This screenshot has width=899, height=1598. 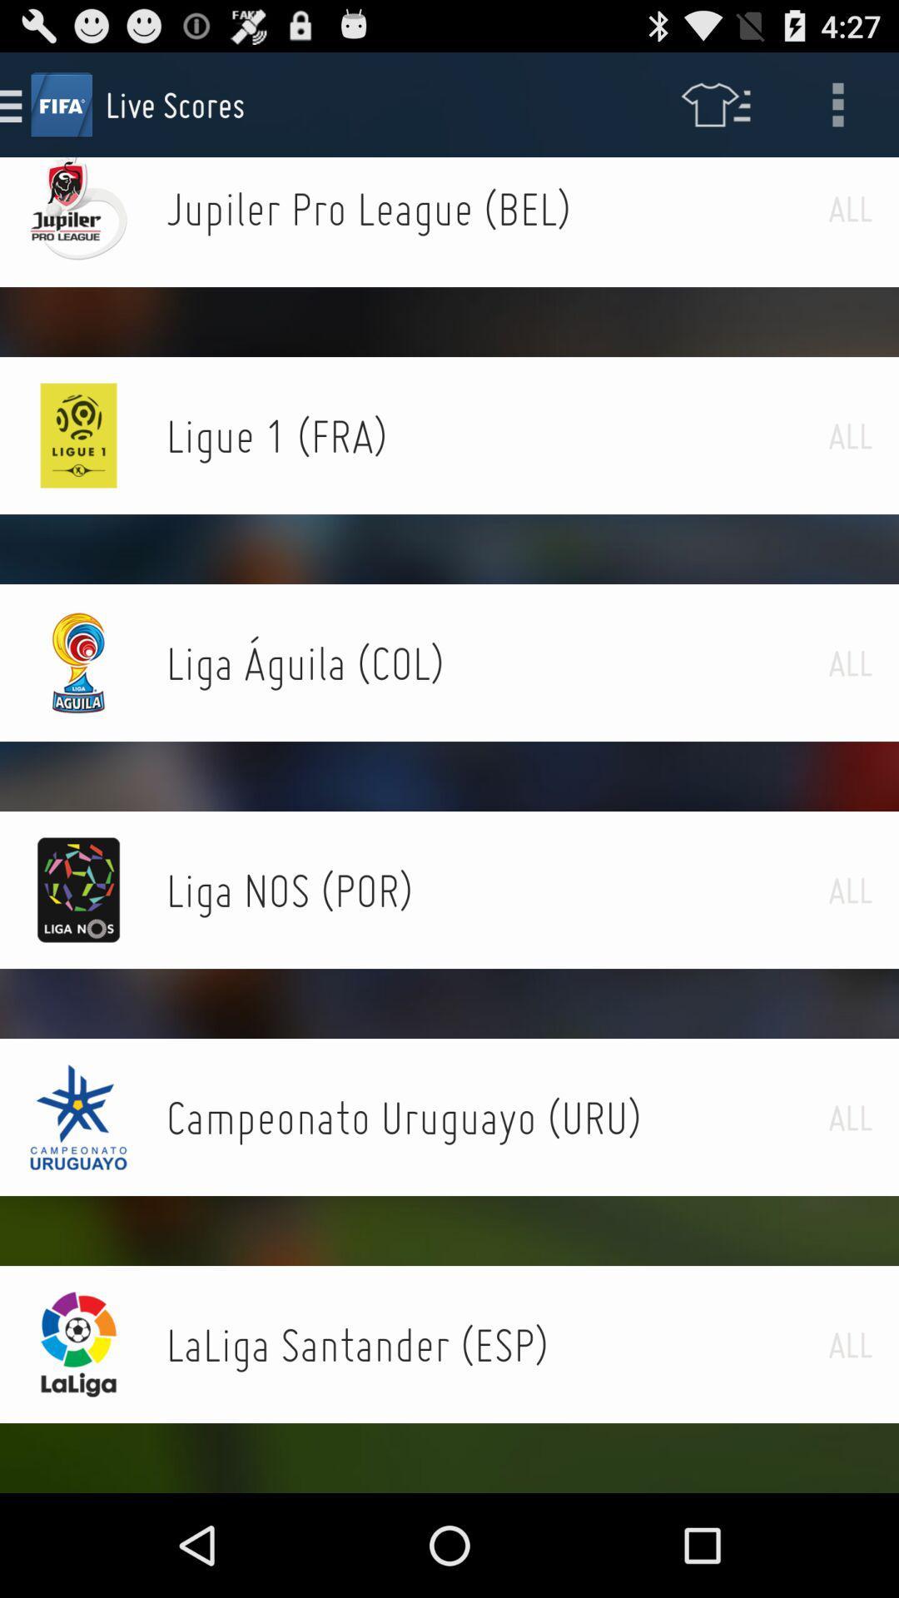 What do you see at coordinates (60, 103) in the screenshot?
I see `the text fifa which is left side of the text live scores` at bounding box center [60, 103].